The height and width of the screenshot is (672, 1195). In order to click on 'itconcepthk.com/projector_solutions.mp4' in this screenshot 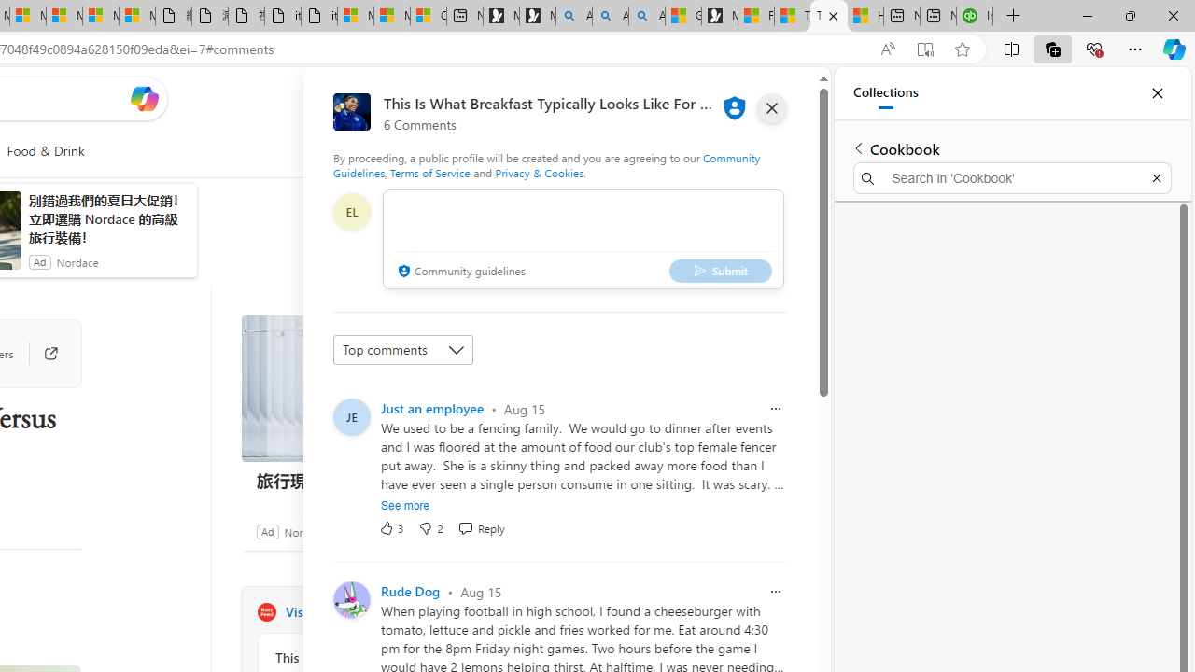, I will do `click(318, 16)`.